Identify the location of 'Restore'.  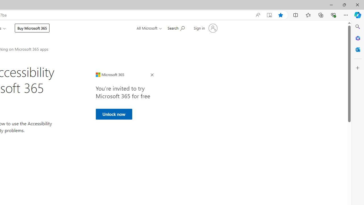
(344, 5).